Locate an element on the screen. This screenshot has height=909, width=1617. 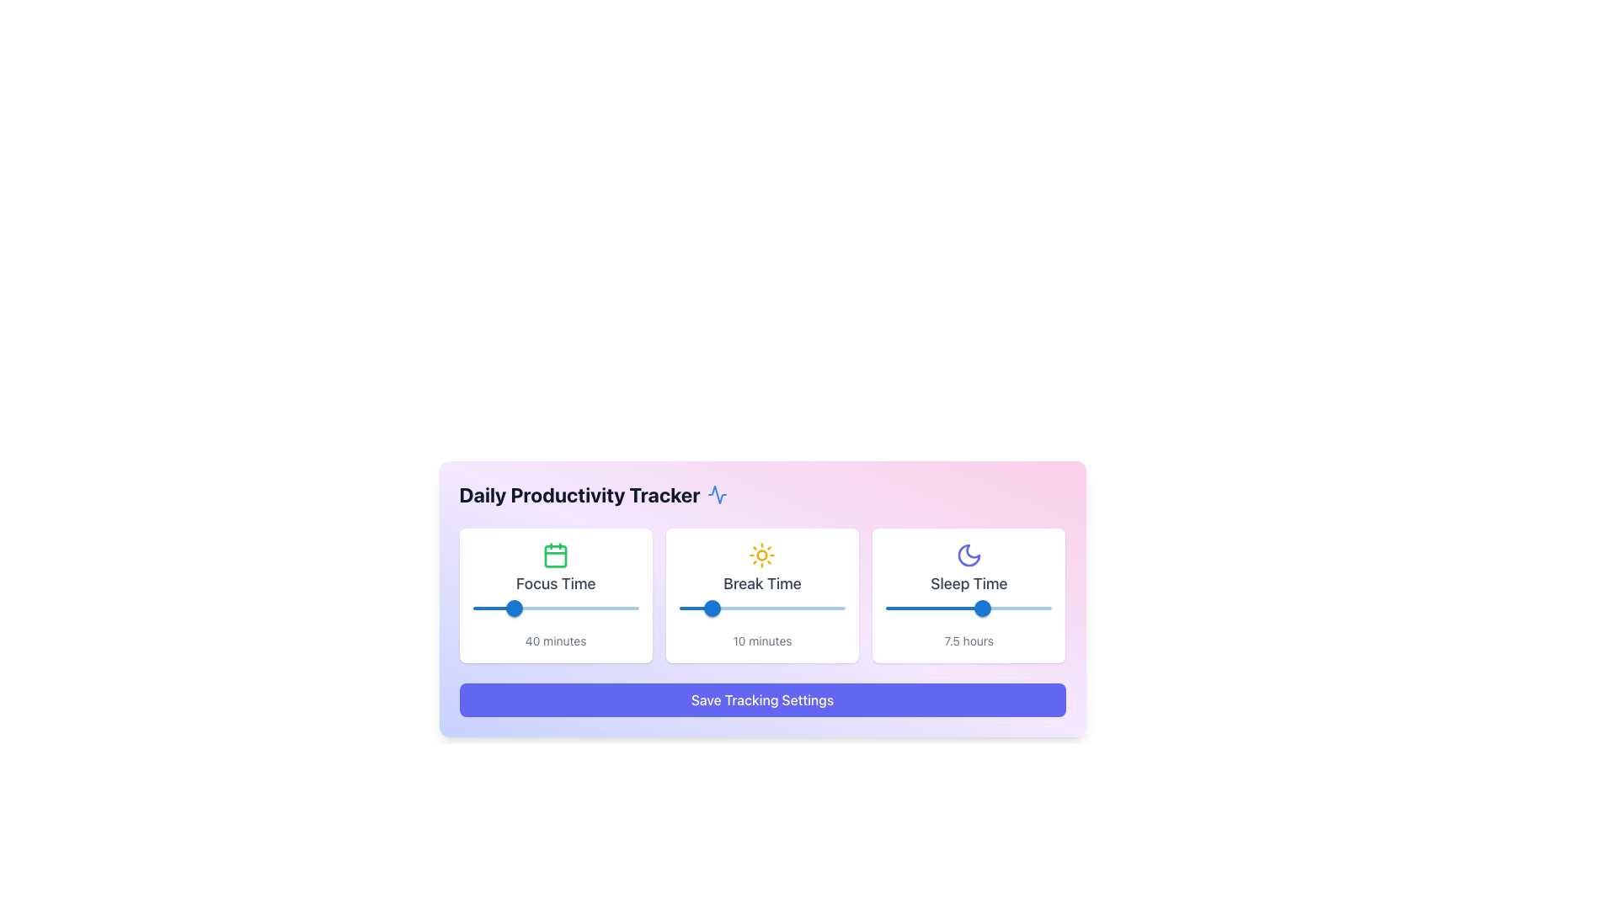
the 'Focus Time' slider is located at coordinates (465, 606).